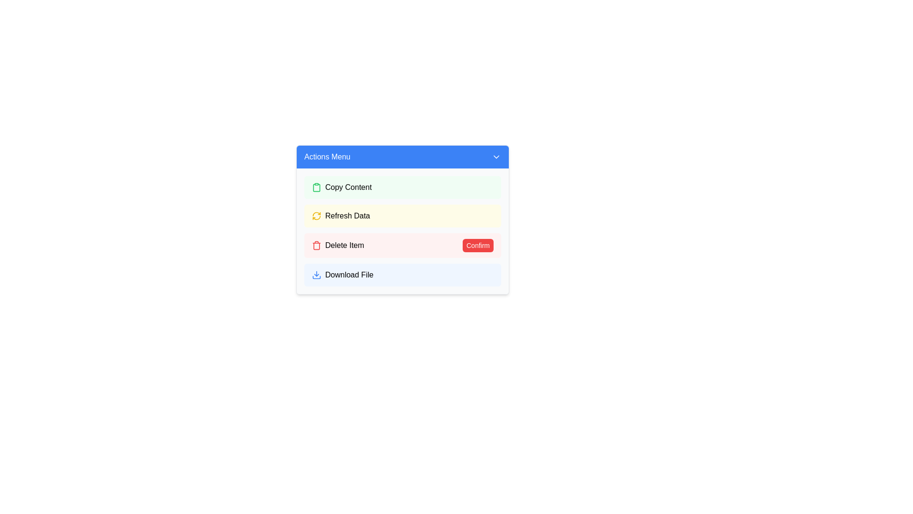 This screenshot has height=514, width=913. What do you see at coordinates (317, 187) in the screenshot?
I see `the clipboard icon located` at bounding box center [317, 187].